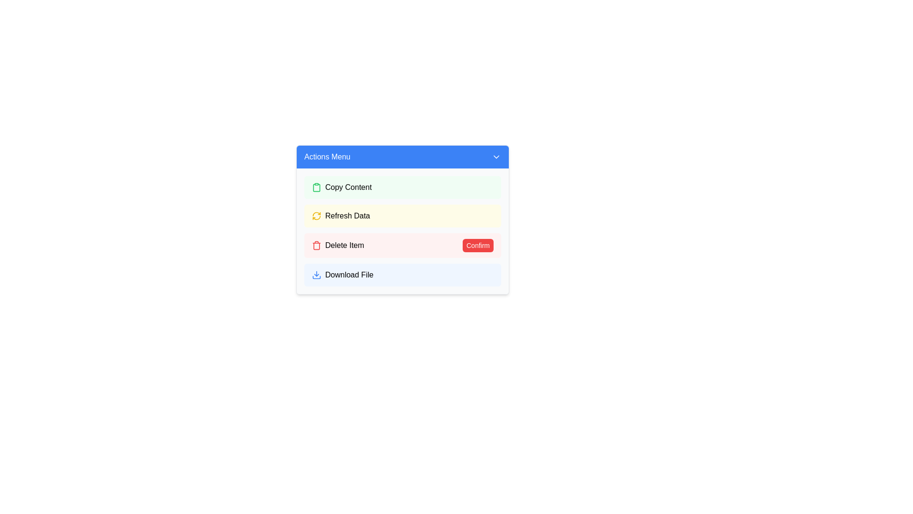 This screenshot has height=514, width=913. What do you see at coordinates (317, 187) in the screenshot?
I see `the clipboard icon located` at bounding box center [317, 187].